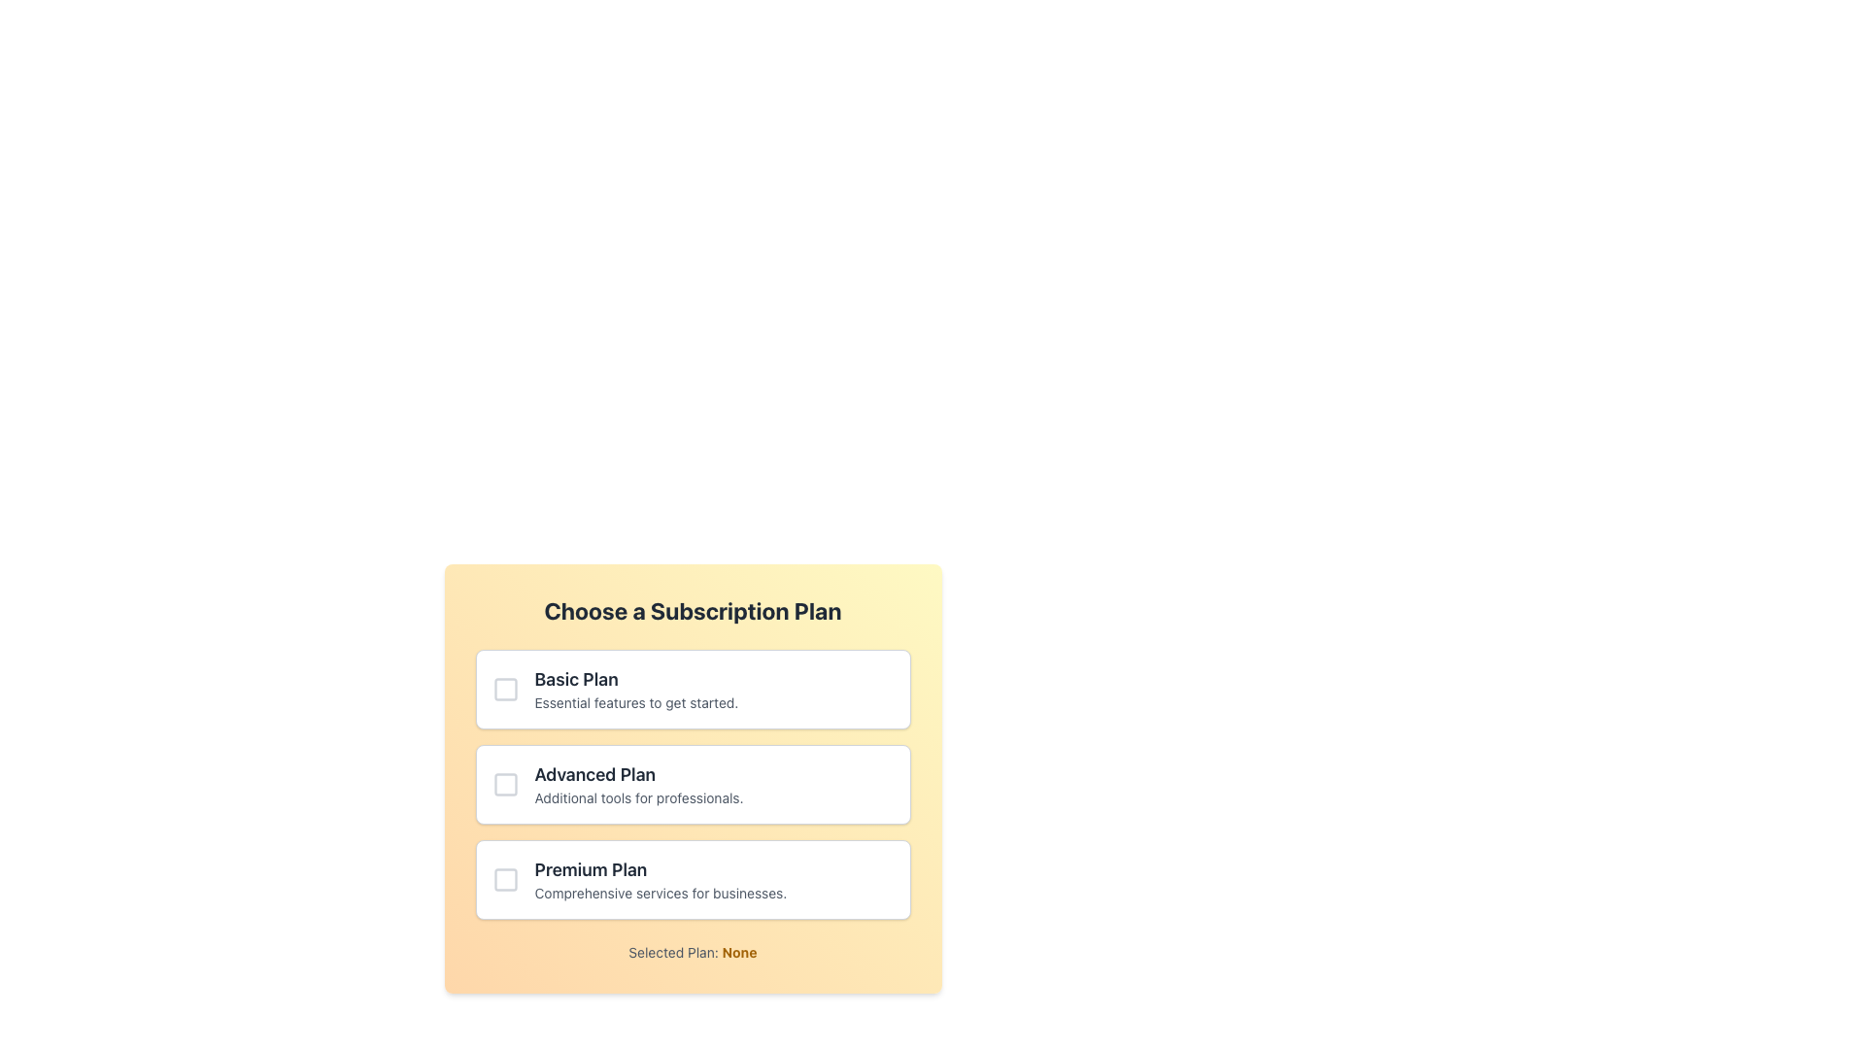 The image size is (1865, 1049). What do you see at coordinates (505, 880) in the screenshot?
I see `the checkbox` at bounding box center [505, 880].